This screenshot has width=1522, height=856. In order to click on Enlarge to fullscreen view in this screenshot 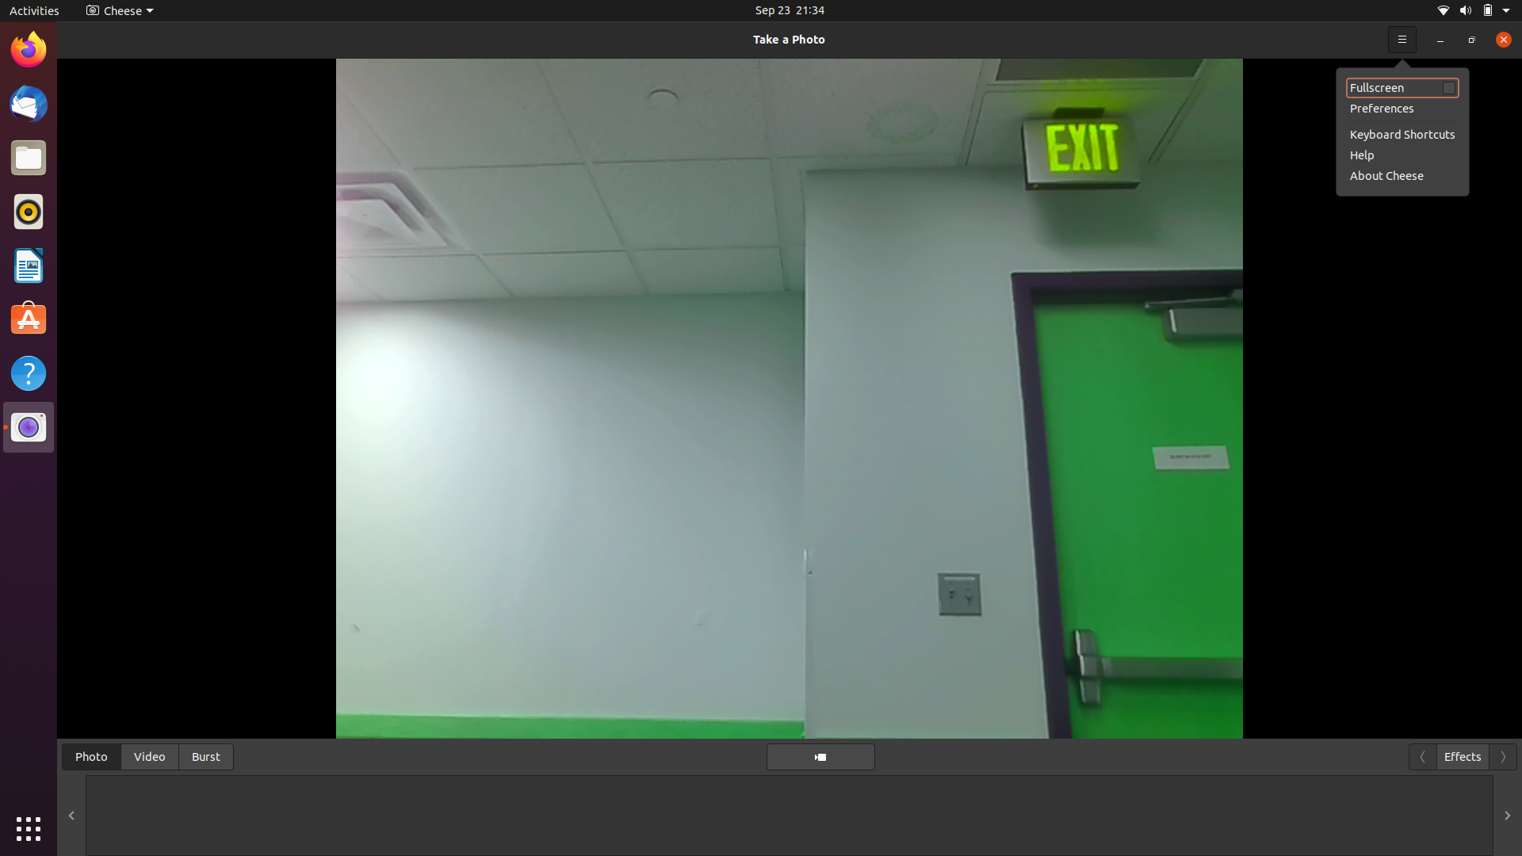, I will do `click(1402, 87)`.